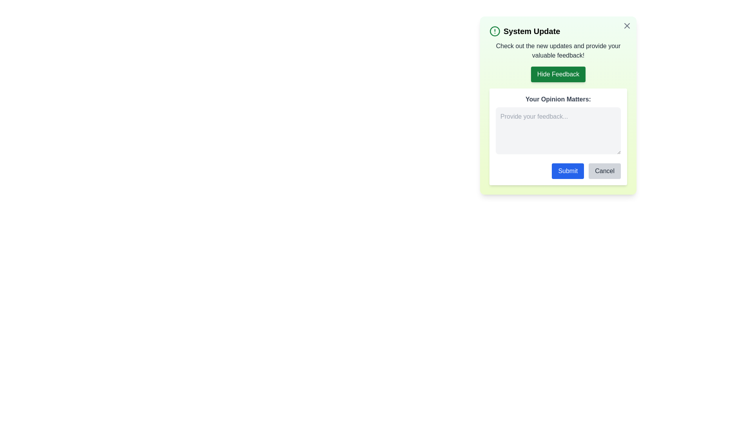 This screenshot has height=423, width=753. Describe the element at coordinates (558, 130) in the screenshot. I see `the feedback text area to focus on it` at that location.